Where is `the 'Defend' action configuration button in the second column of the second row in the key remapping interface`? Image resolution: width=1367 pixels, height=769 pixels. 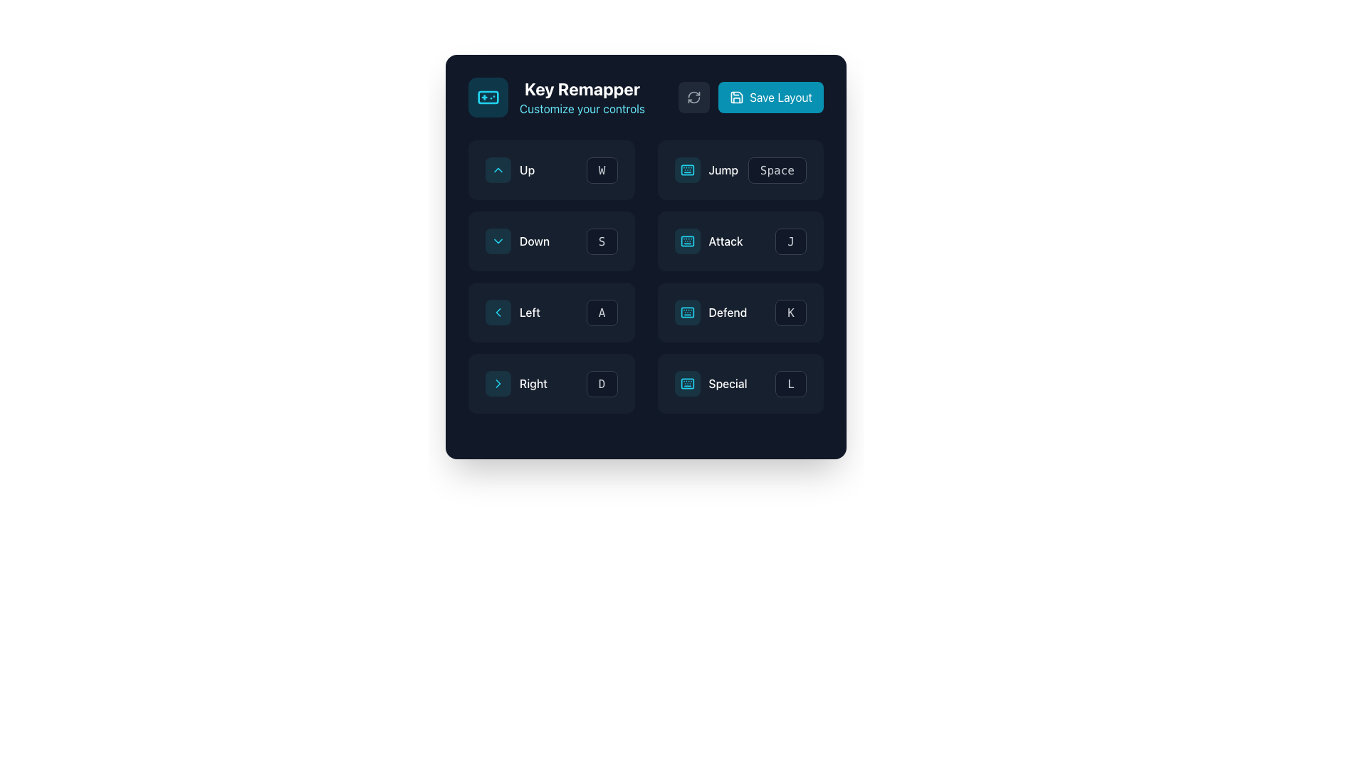 the 'Defend' action configuration button in the second column of the second row in the key remapping interface is located at coordinates (711, 312).